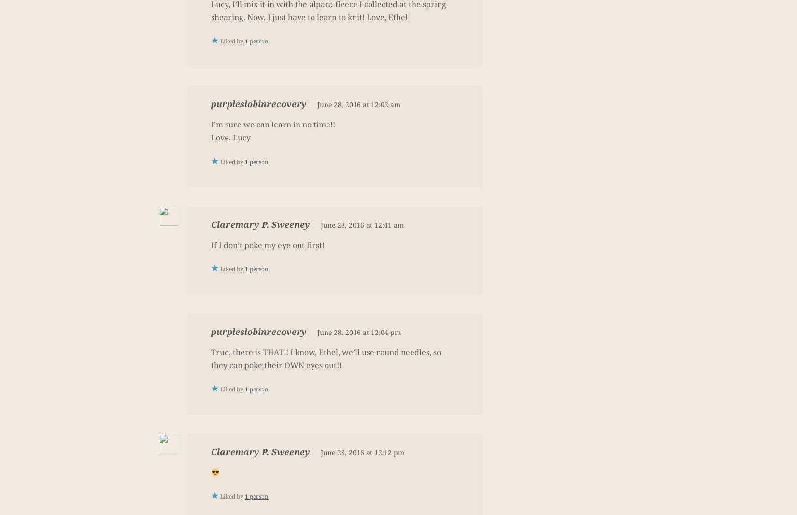  Describe the element at coordinates (326, 358) in the screenshot. I see `'True, there is THAT!!  I know, Ethel, we’ll use round needles, so they can poke their OWN eyes out!!'` at that location.